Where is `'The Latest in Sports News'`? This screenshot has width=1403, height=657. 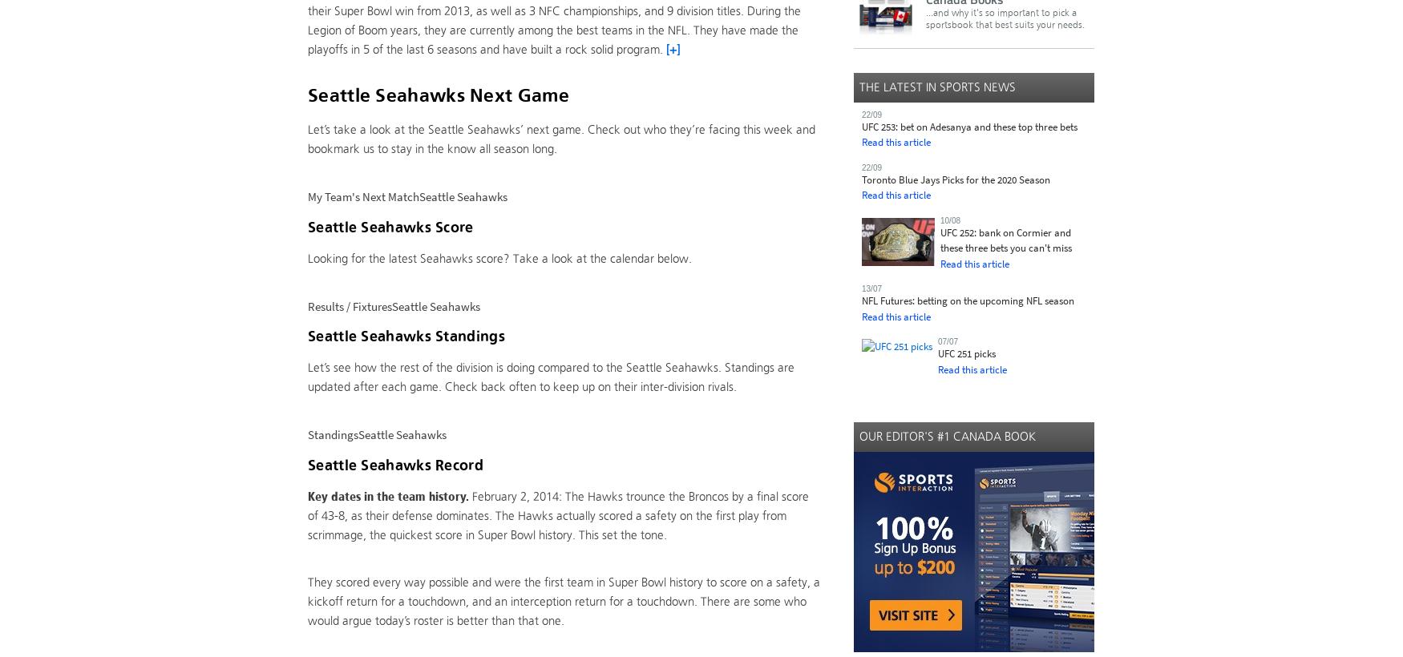 'The Latest in Sports News' is located at coordinates (936, 85).